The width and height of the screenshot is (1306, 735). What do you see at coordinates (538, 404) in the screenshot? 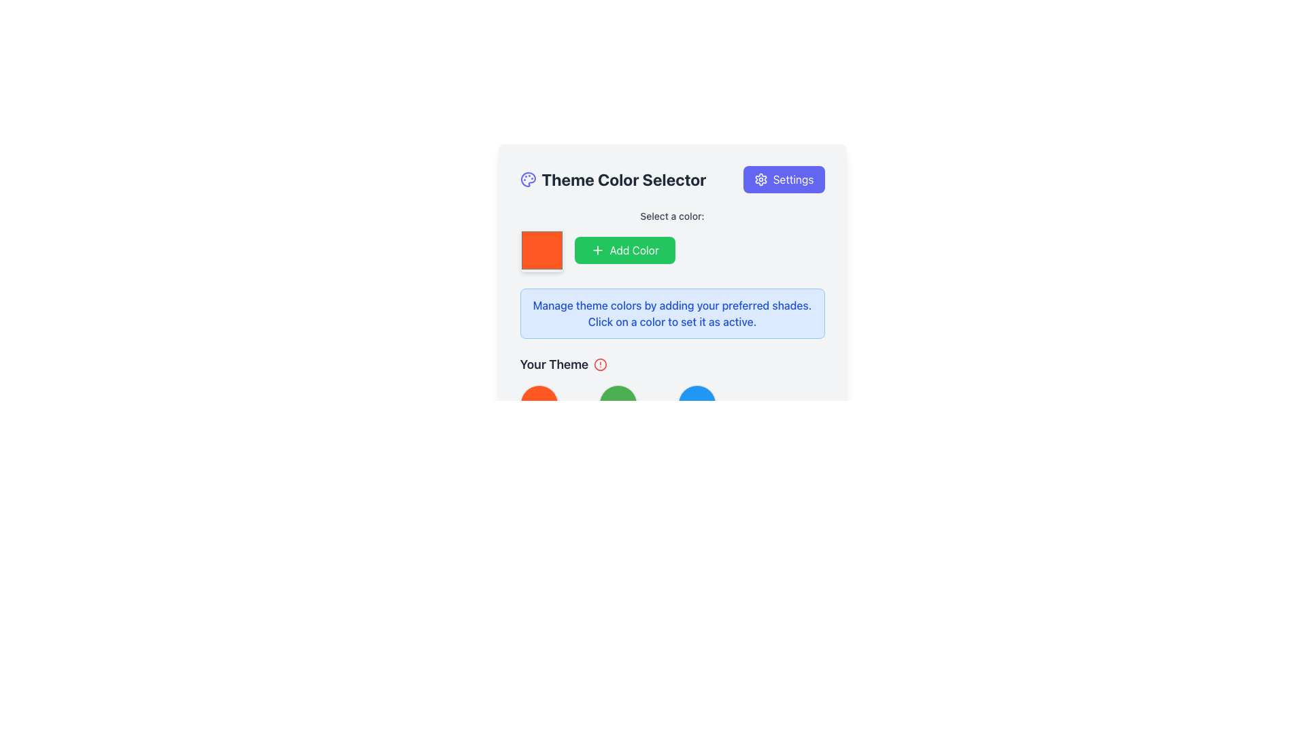
I see `the circular orange button located at the top-left corner of the grid under the 'Your Theme' label` at bounding box center [538, 404].